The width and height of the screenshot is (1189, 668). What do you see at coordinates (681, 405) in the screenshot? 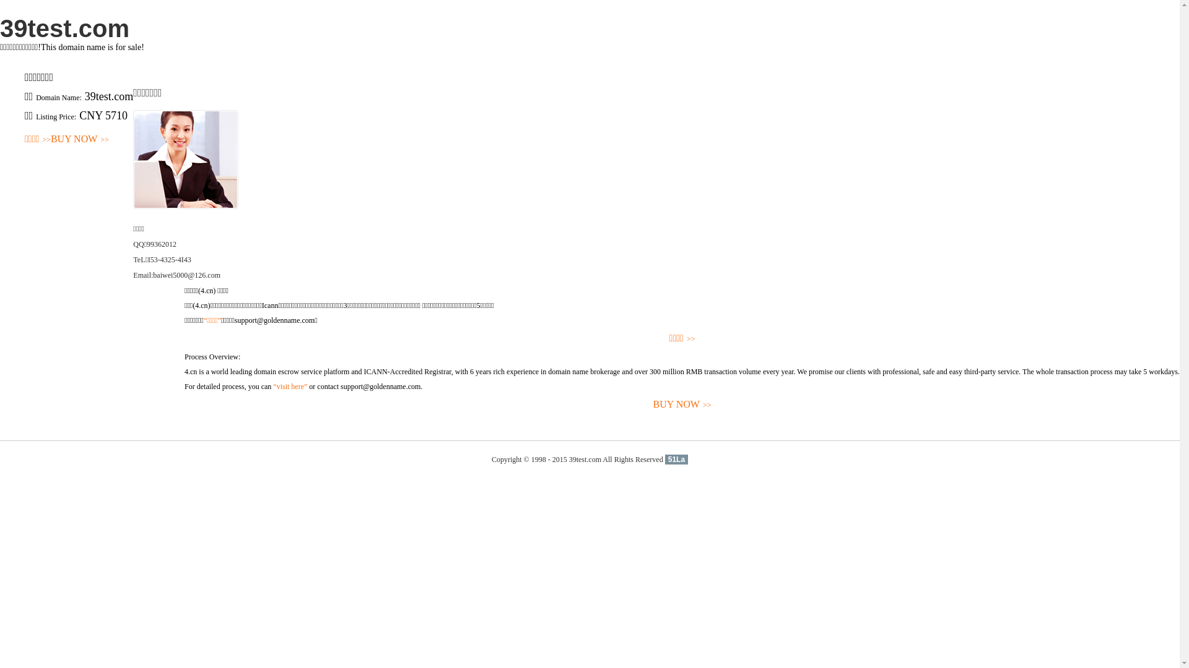
I see `'BUY NOW>>'` at bounding box center [681, 405].